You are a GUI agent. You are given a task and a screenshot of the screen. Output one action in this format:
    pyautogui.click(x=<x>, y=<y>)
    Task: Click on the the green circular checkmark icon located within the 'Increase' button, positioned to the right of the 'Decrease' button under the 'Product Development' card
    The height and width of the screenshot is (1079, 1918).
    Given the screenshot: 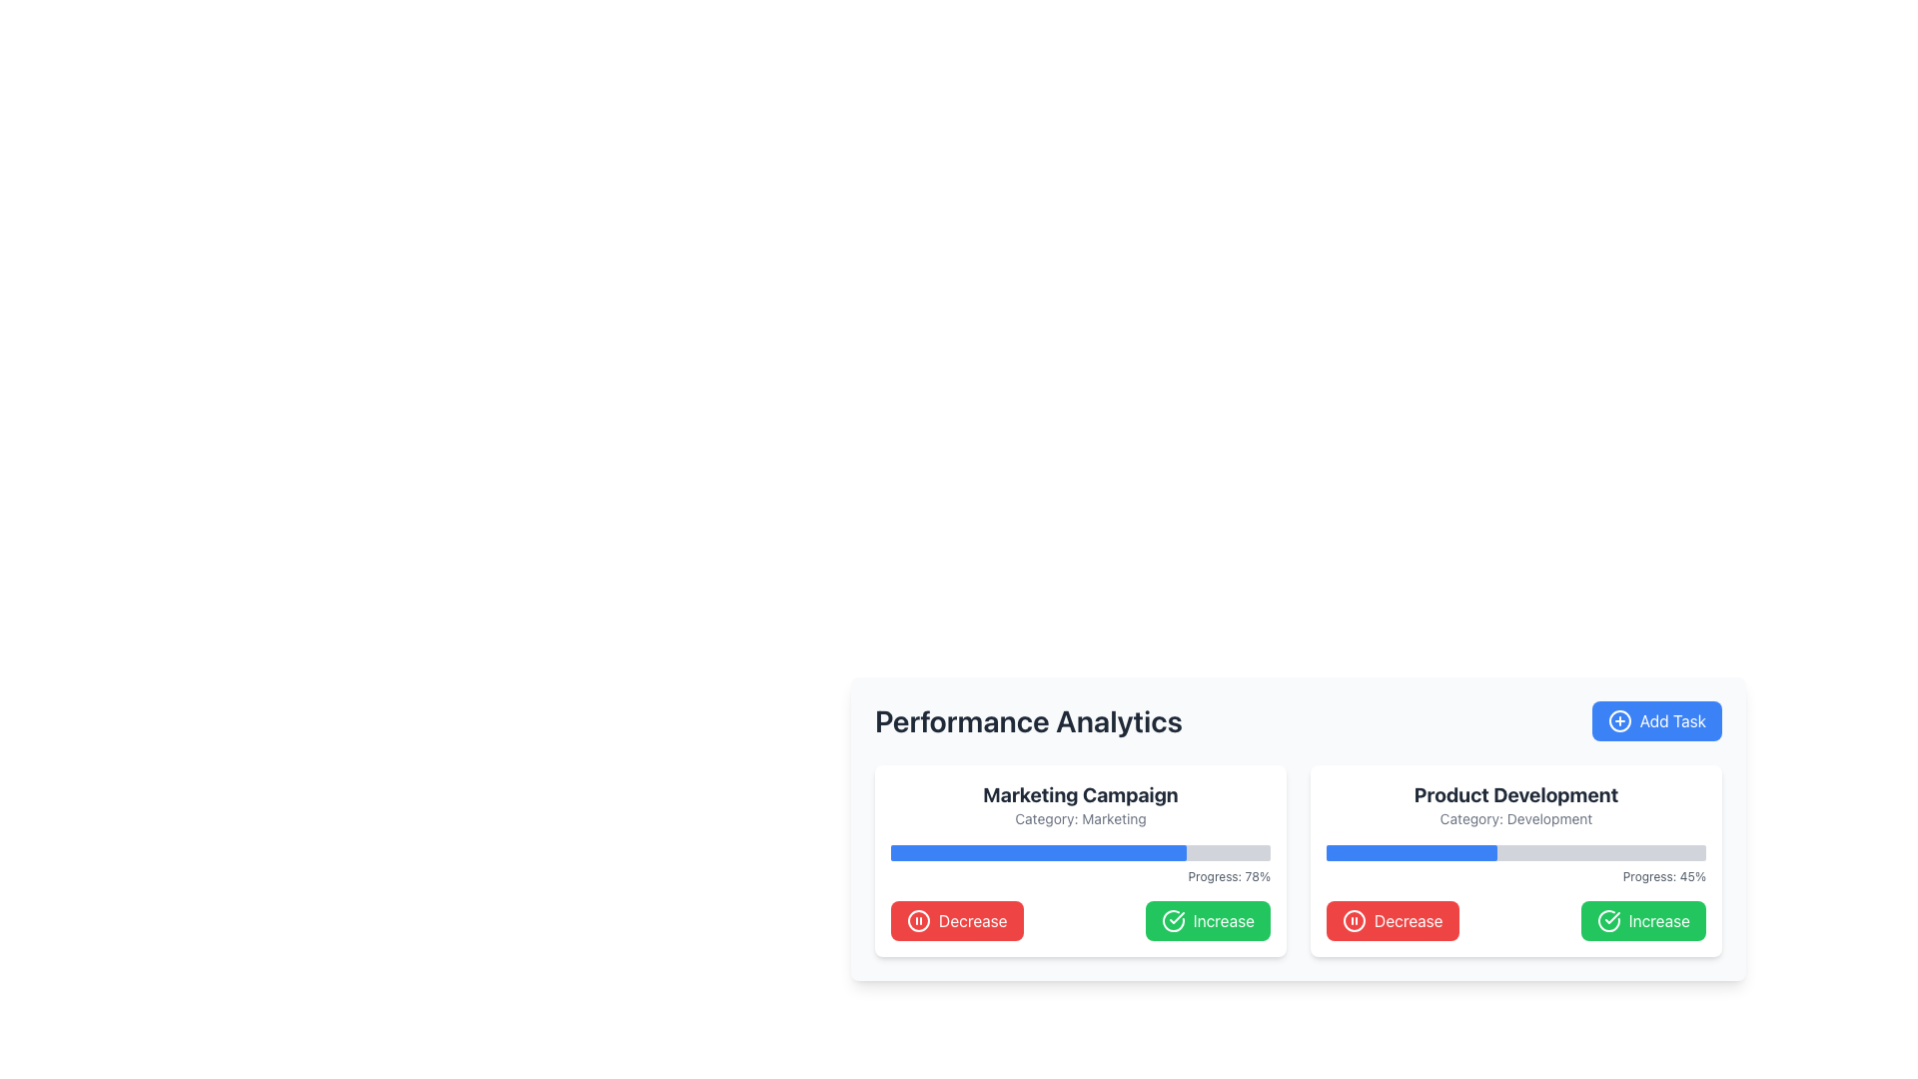 What is the action you would take?
    pyautogui.click(x=1607, y=920)
    